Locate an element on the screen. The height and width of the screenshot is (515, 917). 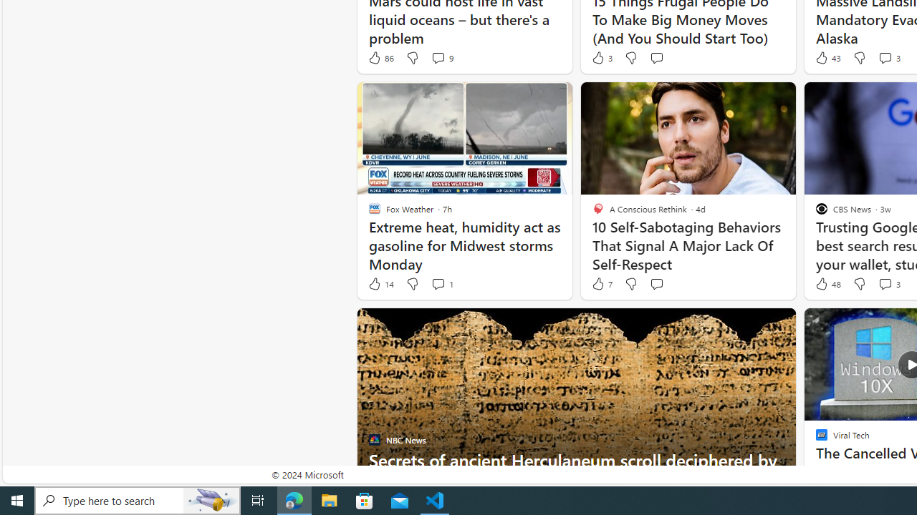
'Hide this story' is located at coordinates (752, 325).